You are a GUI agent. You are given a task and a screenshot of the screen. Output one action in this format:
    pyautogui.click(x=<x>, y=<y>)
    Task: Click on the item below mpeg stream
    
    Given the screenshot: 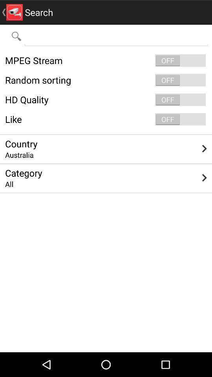 What is the action you would take?
    pyautogui.click(x=106, y=80)
    